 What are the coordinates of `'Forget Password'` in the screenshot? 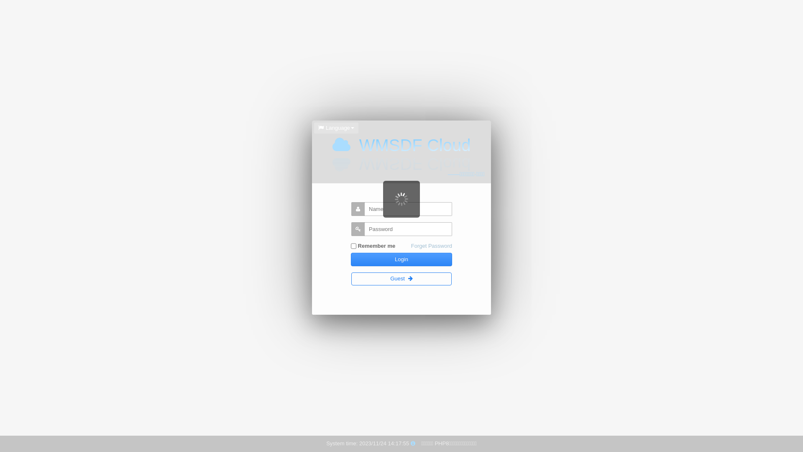 It's located at (432, 246).